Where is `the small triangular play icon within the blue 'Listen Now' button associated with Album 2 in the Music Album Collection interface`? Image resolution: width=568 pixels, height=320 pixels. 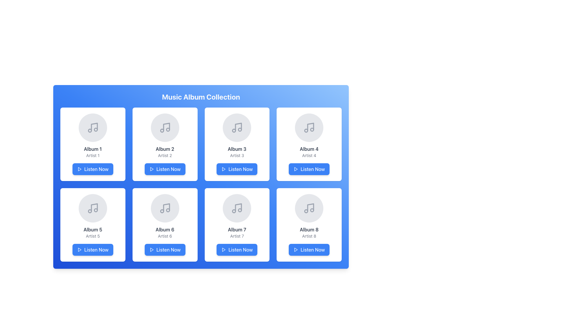 the small triangular play icon within the blue 'Listen Now' button associated with Album 2 in the Music Album Collection interface is located at coordinates (152, 169).